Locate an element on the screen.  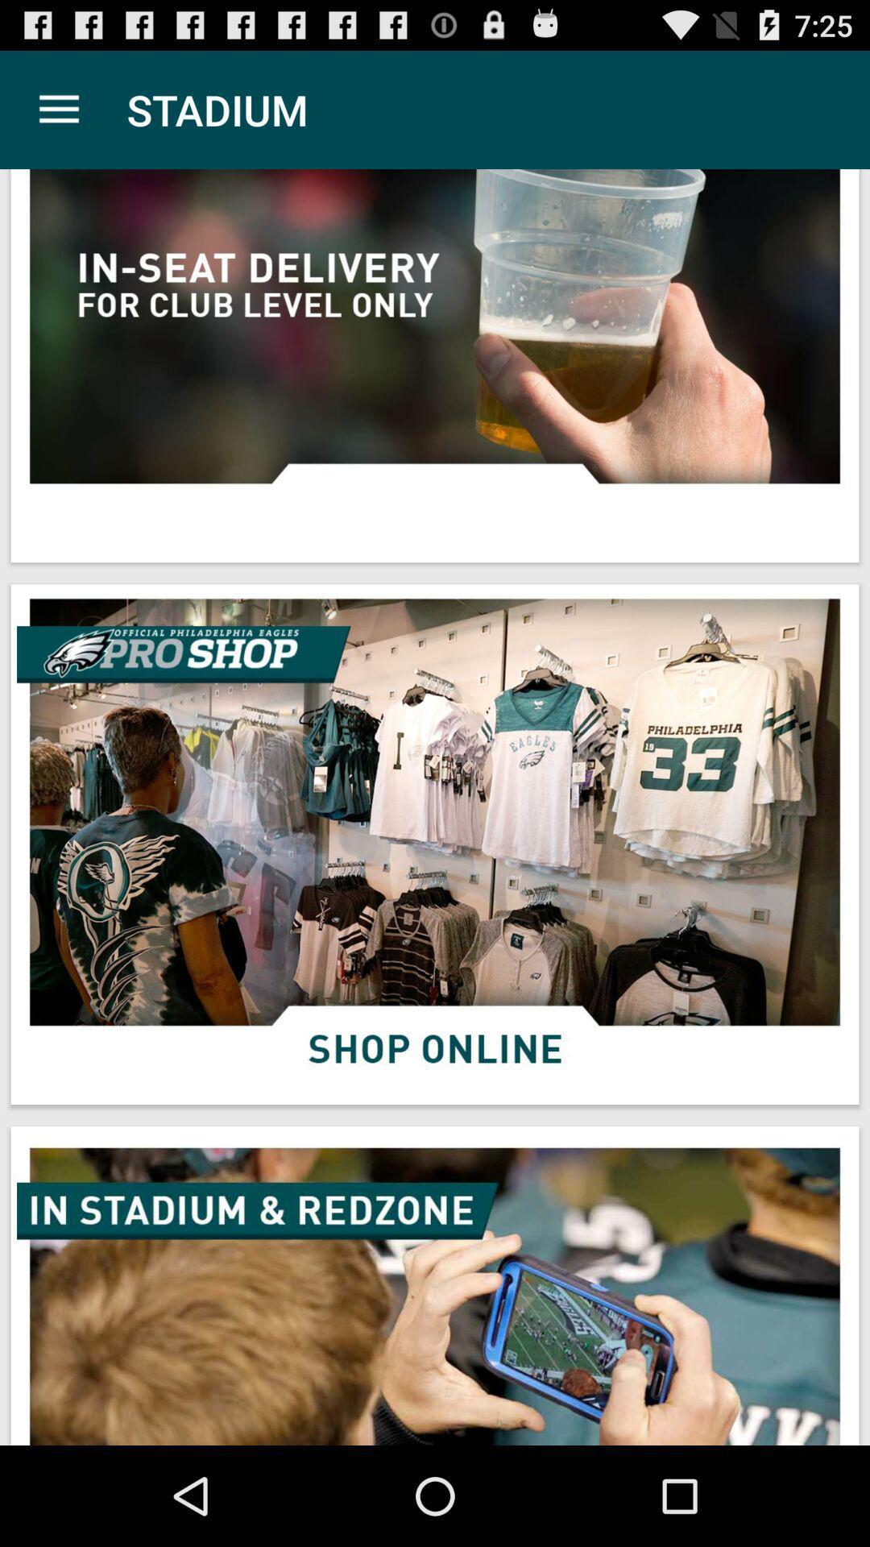
the item next to the stadium app is located at coordinates (58, 109).